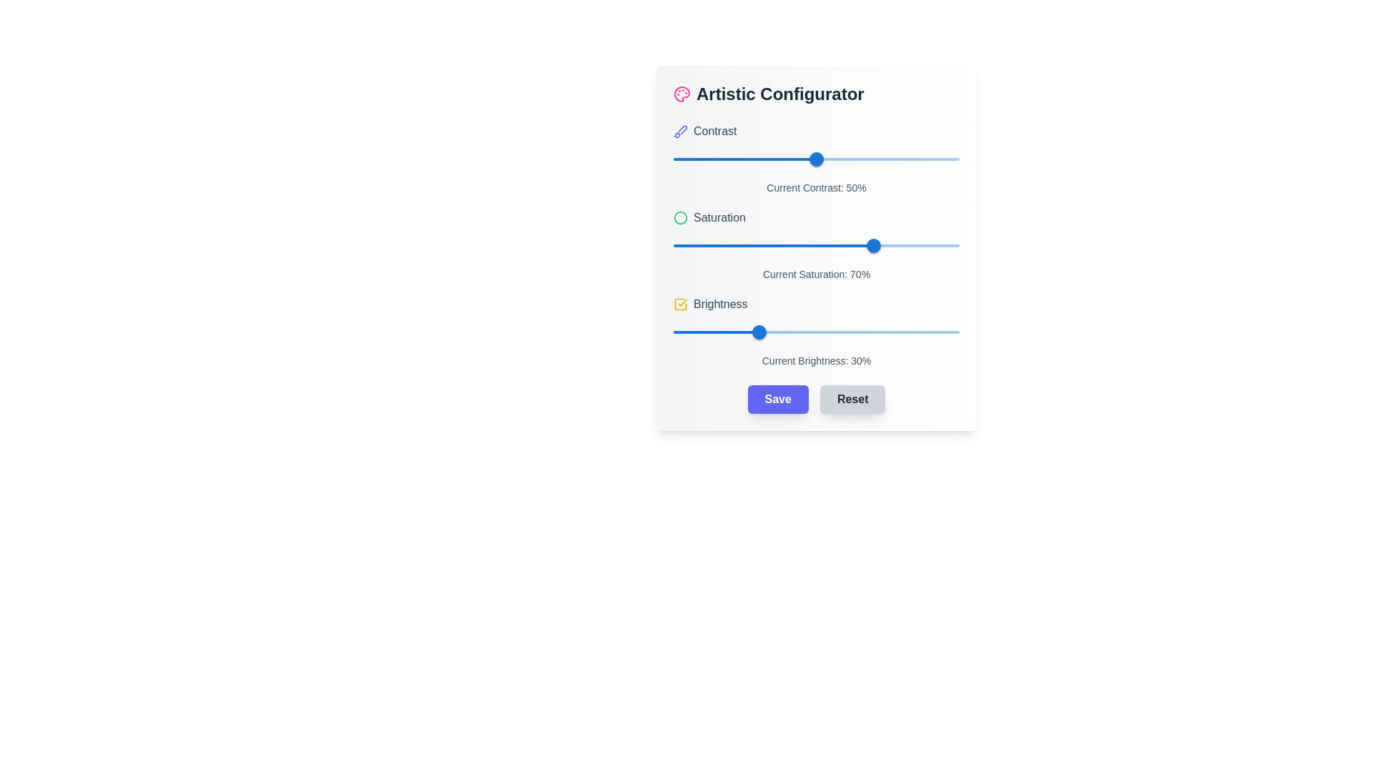 The height and width of the screenshot is (772, 1373). Describe the element at coordinates (820, 159) in the screenshot. I see `contrast` at that location.